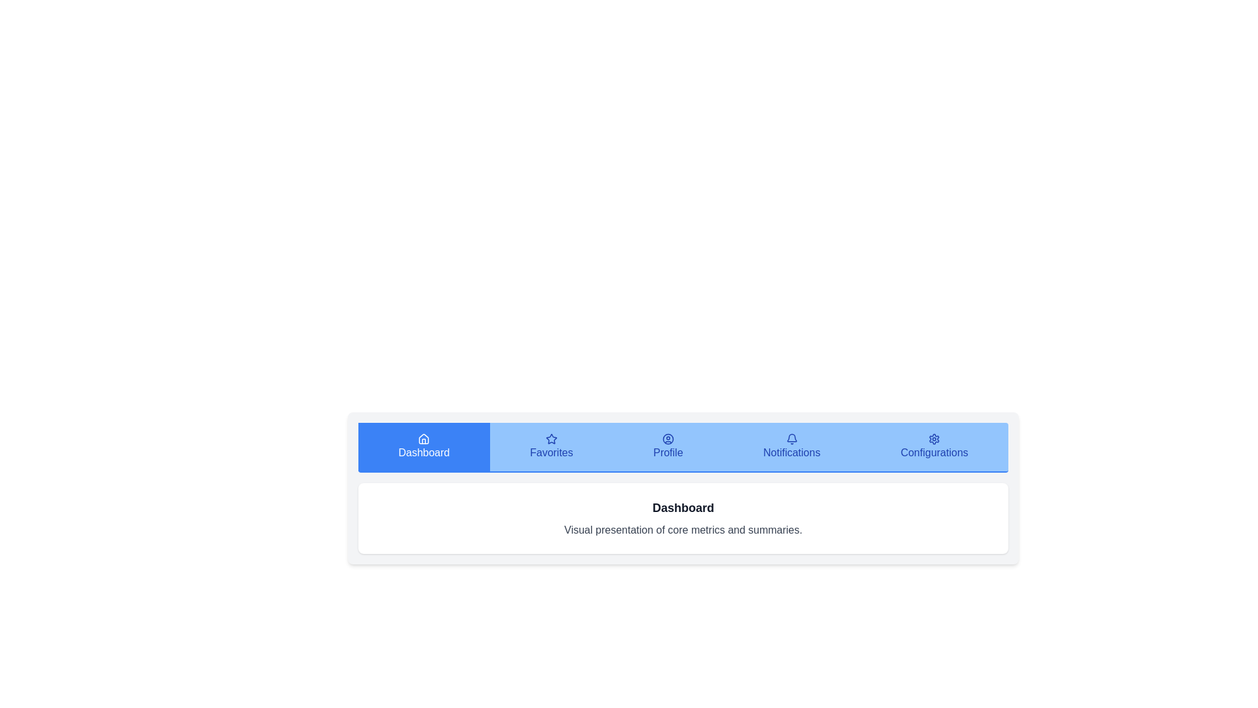  I want to click on the tab corresponding to Profile, so click(667, 446).